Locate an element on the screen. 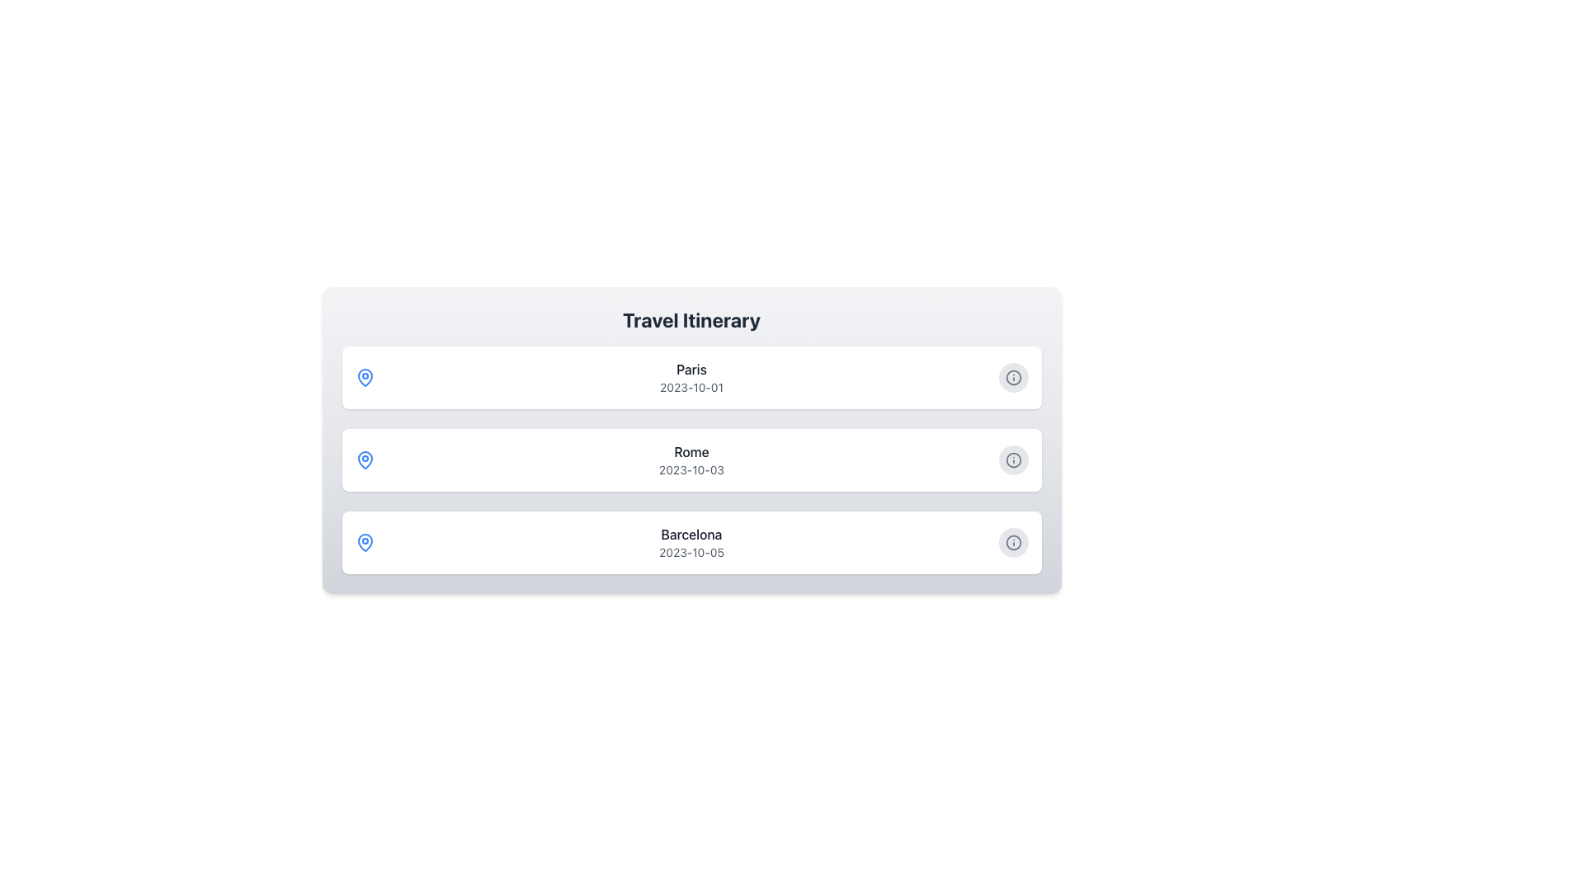 The image size is (1584, 891). the static text label displaying 'Paris' which is centrally aligned at the top of the 'Travel Itinerary' section is located at coordinates (691, 368).